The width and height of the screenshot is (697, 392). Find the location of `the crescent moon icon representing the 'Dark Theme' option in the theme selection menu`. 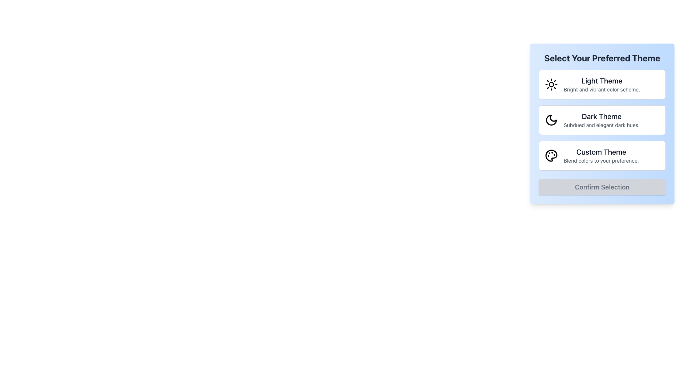

the crescent moon icon representing the 'Dark Theme' option in the theme selection menu is located at coordinates (551, 120).